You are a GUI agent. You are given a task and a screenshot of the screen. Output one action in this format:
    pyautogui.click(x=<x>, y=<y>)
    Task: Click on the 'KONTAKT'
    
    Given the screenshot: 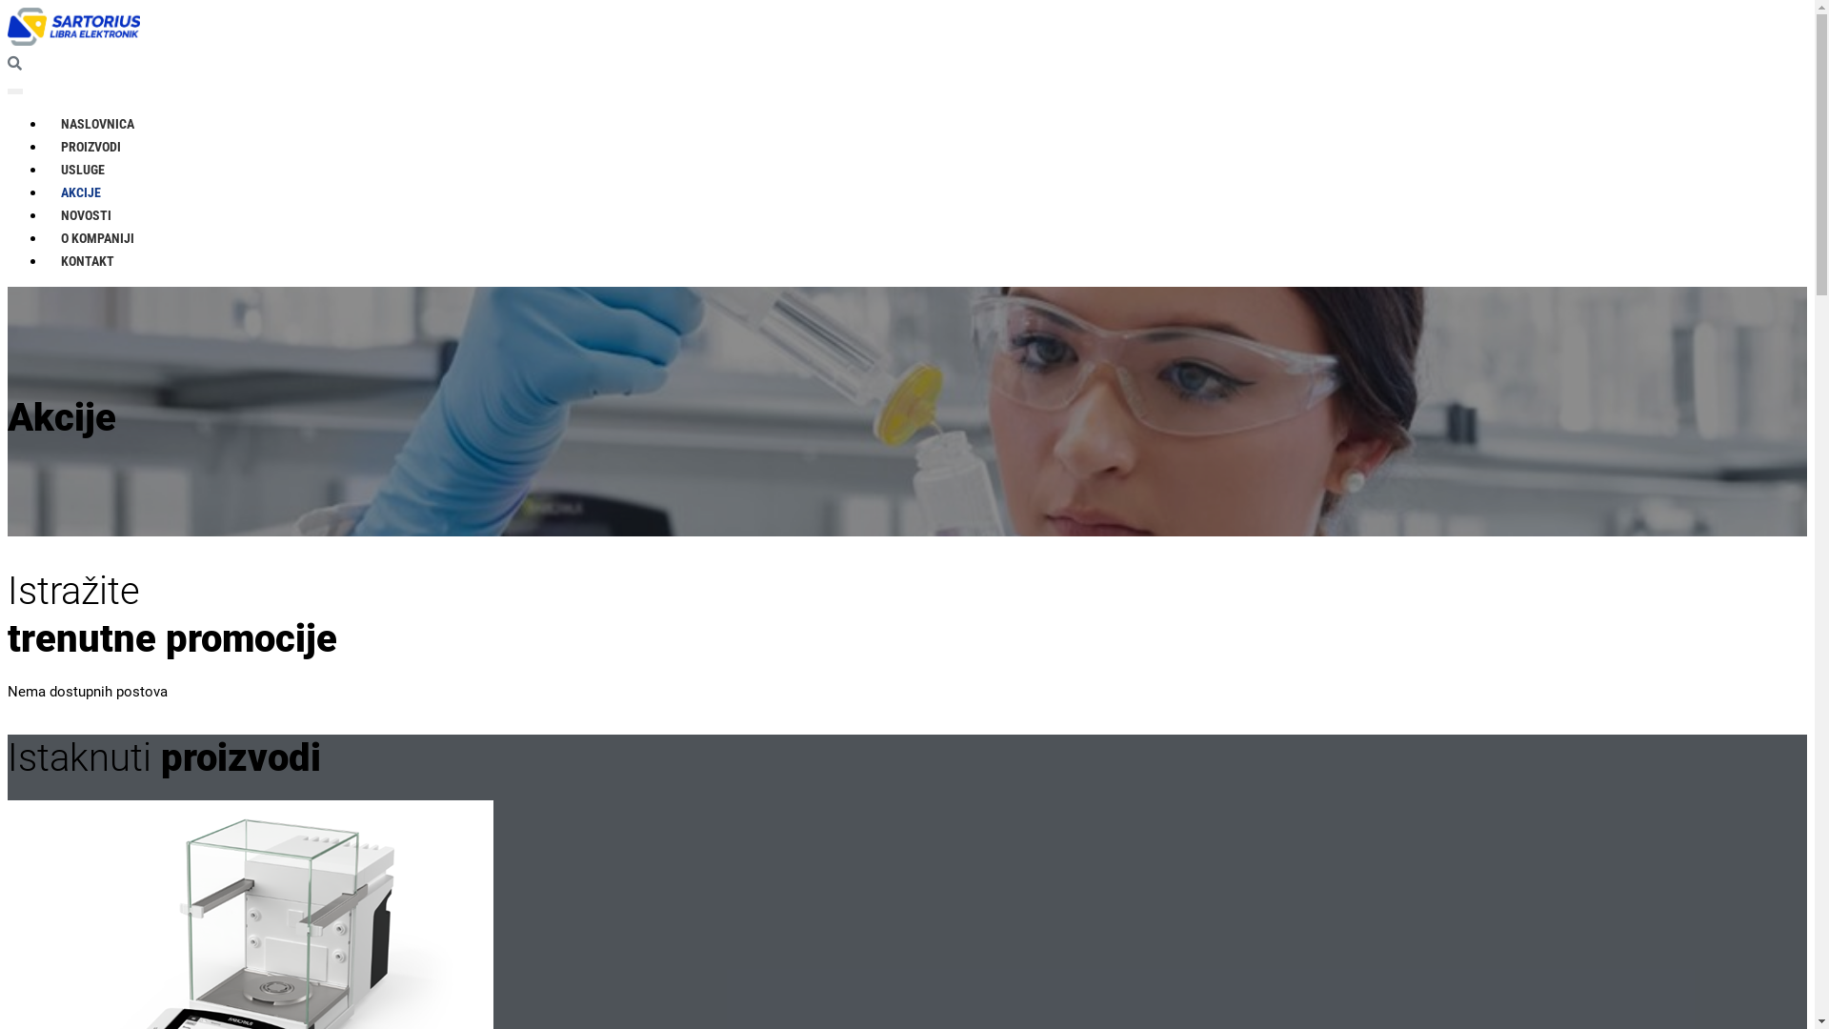 What is the action you would take?
    pyautogui.click(x=60, y=260)
    